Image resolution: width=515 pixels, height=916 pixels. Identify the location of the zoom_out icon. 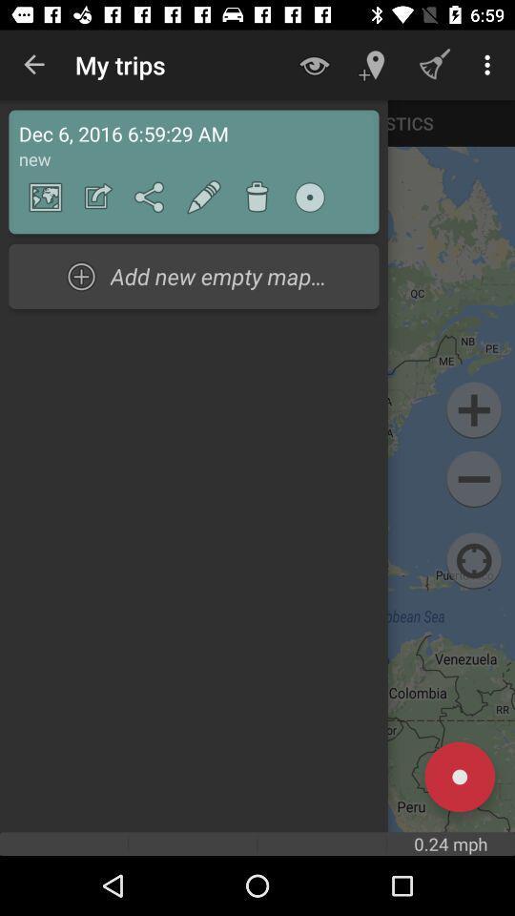
(473, 478).